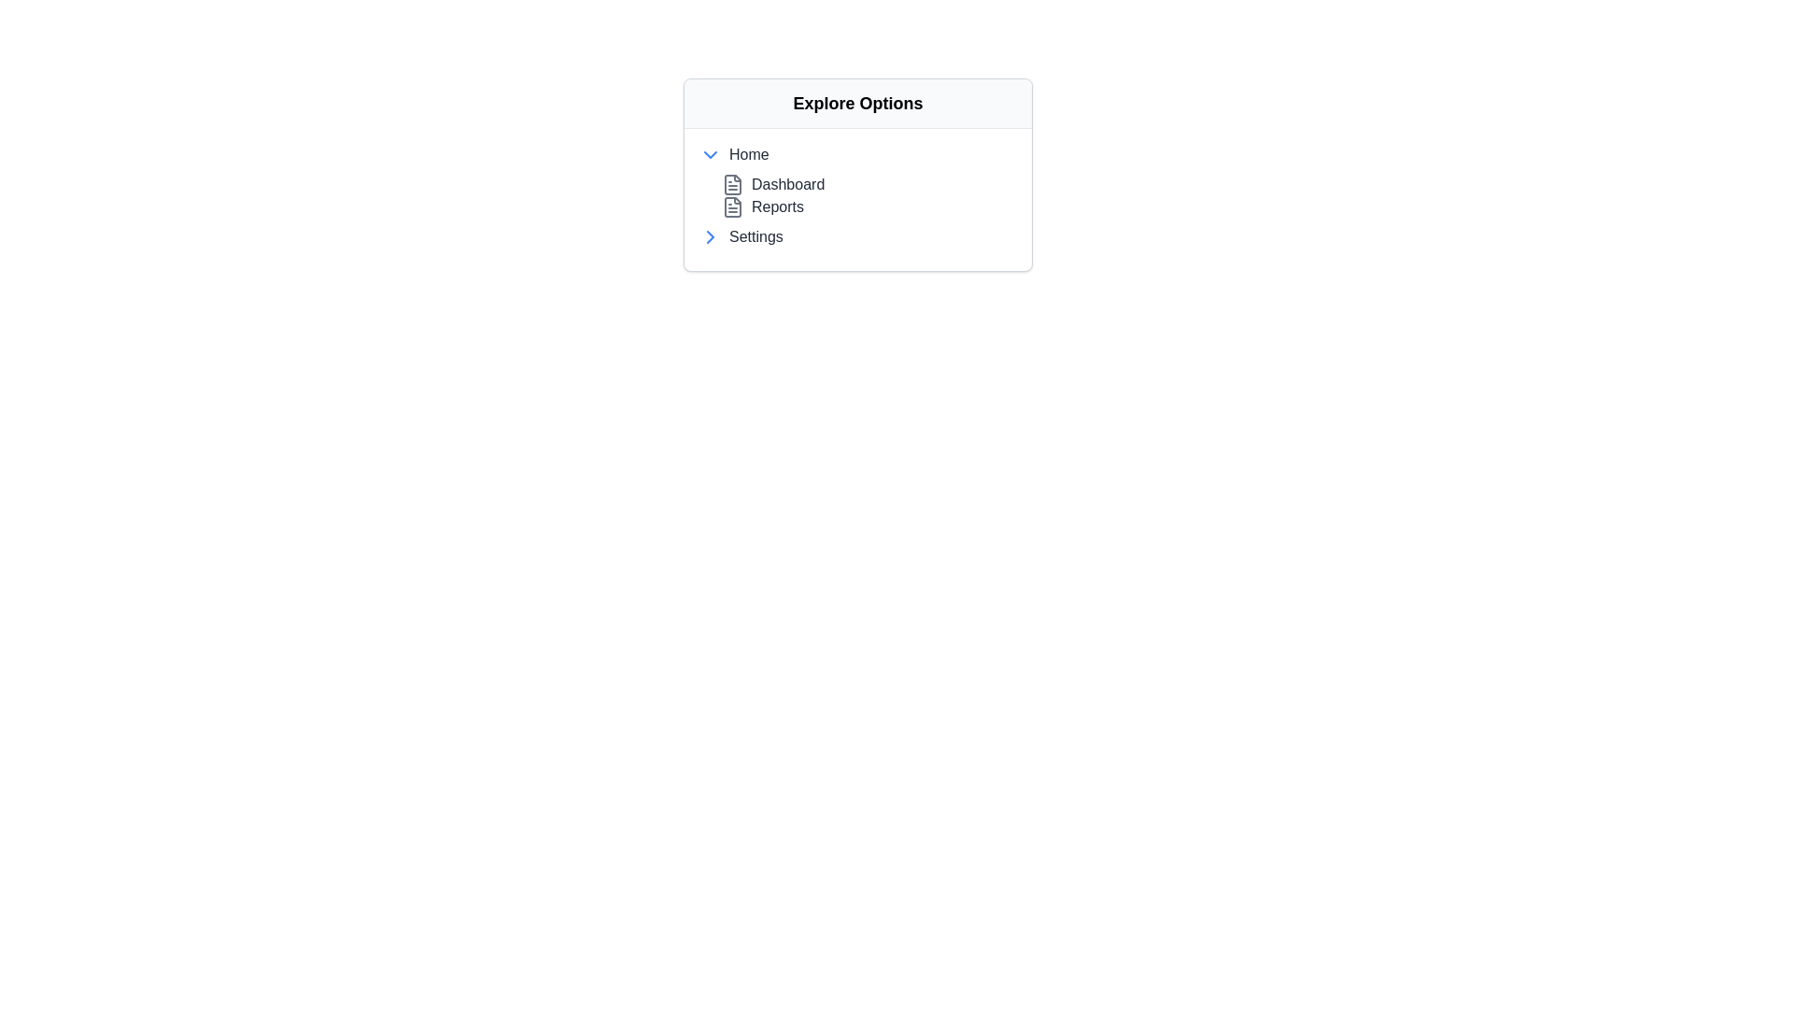  Describe the element at coordinates (856, 236) in the screenshot. I see `the fourth item in the 'Explore Options' navigation list` at that location.